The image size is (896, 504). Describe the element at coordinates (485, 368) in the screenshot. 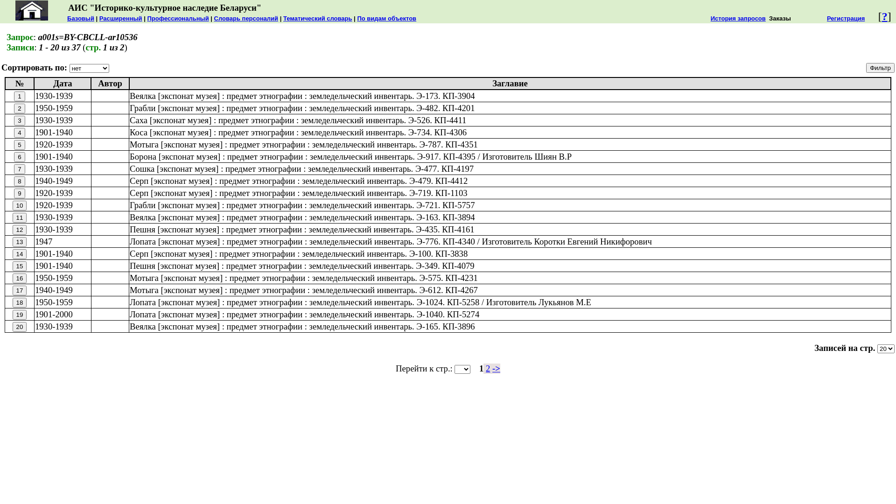

I see `'2'` at that location.